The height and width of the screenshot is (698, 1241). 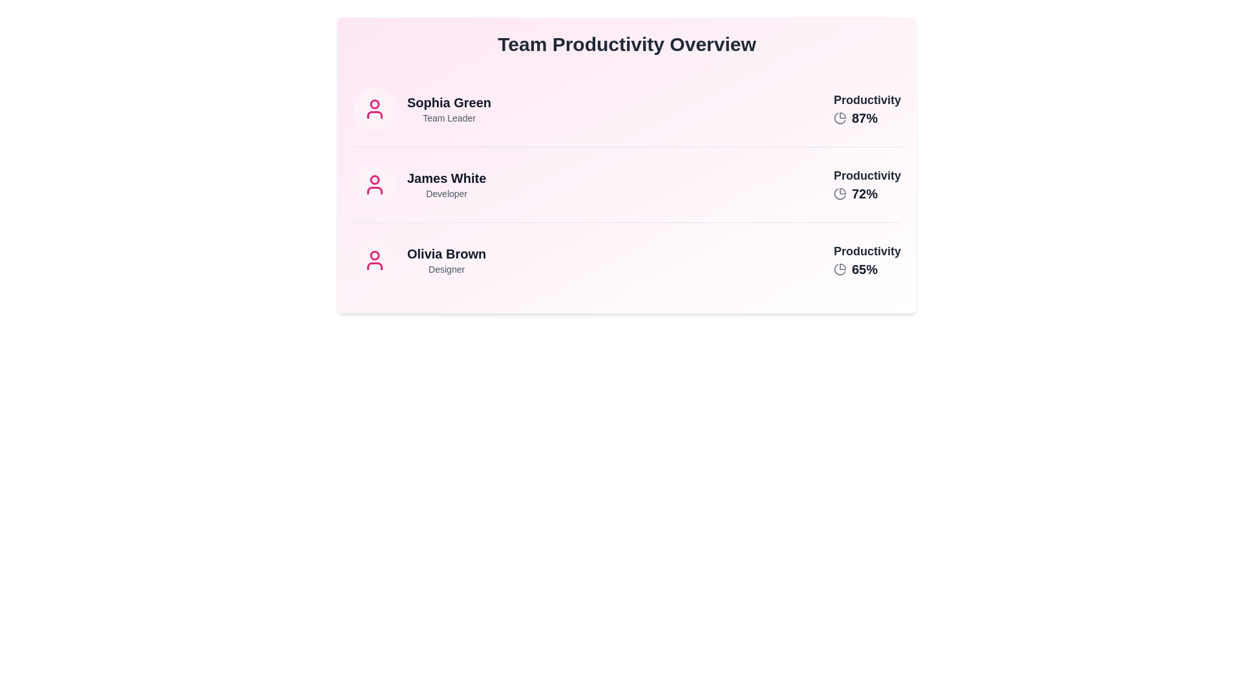 I want to click on the informational label displaying the productivity percentage for Olivia Brown, the Designer, so click(x=867, y=260).